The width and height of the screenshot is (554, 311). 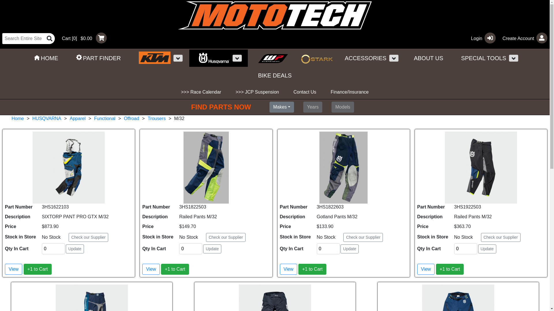 I want to click on 'ABOUT US', so click(x=428, y=58).